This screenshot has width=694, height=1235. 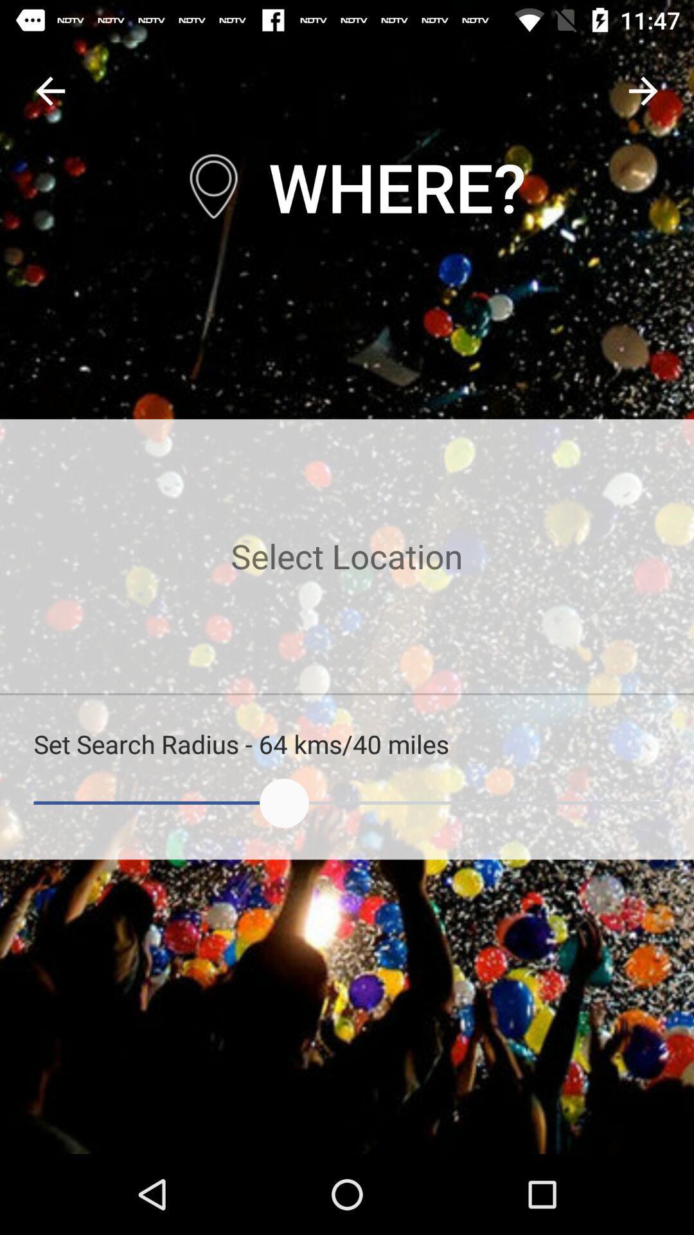 What do you see at coordinates (347, 556) in the screenshot?
I see `location` at bounding box center [347, 556].